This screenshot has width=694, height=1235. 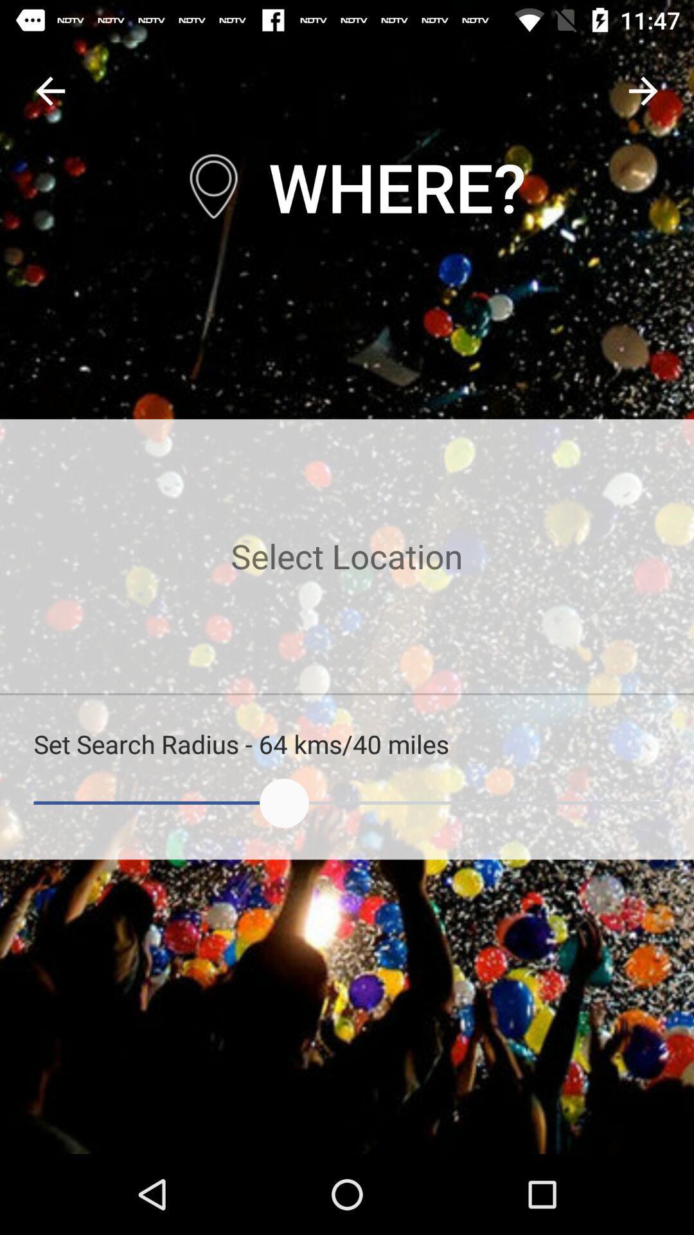 What do you see at coordinates (347, 556) in the screenshot?
I see `location` at bounding box center [347, 556].